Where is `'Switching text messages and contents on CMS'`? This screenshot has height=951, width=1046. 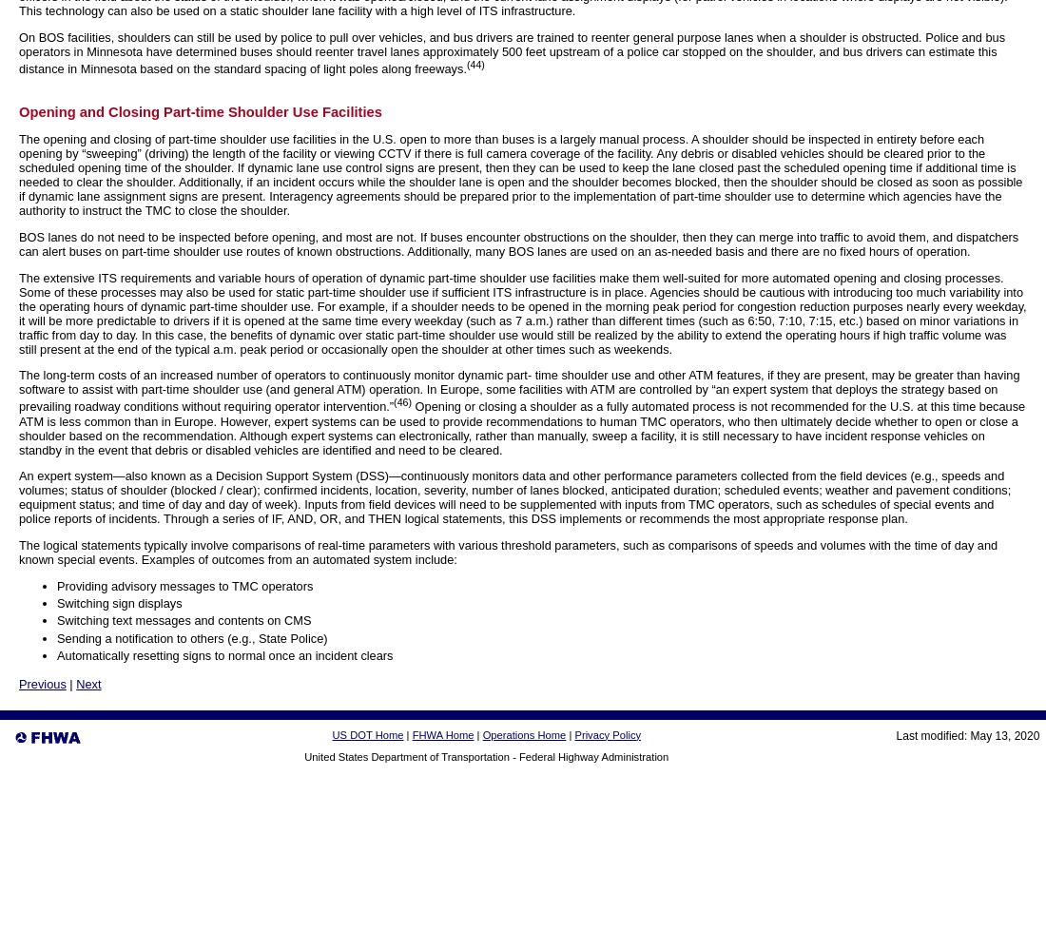
'Switching text messages and contents on CMS' is located at coordinates (183, 620).